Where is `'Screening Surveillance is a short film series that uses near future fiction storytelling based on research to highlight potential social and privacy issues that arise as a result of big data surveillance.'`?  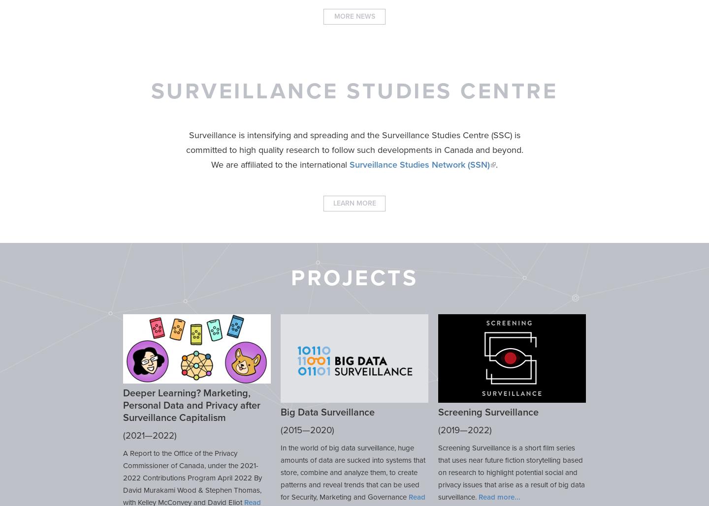
'Screening Surveillance is a short film series that uses near future fiction storytelling based on research to highlight potential social and privacy issues that arise as a result of big data surveillance.' is located at coordinates (511, 472).